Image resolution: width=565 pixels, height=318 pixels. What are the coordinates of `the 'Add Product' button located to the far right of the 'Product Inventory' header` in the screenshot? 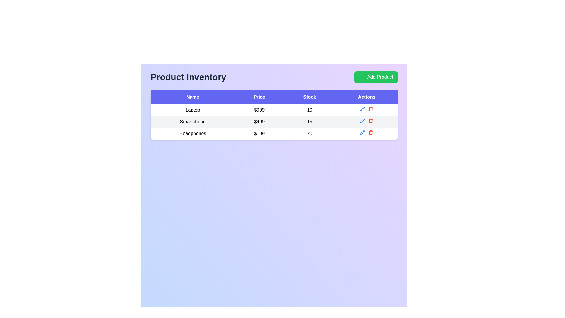 It's located at (375, 77).